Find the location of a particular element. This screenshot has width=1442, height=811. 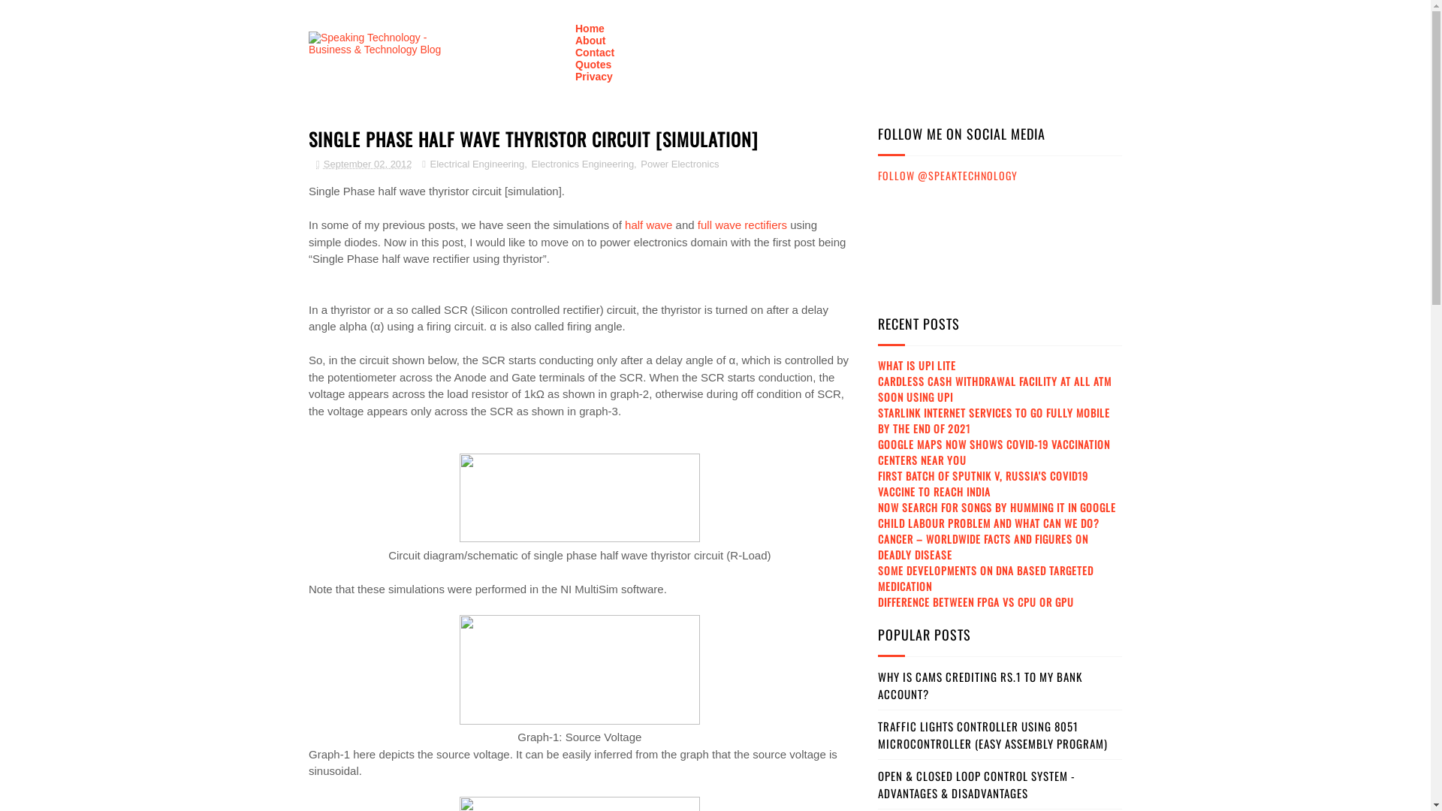

'Home' is located at coordinates (589, 29).